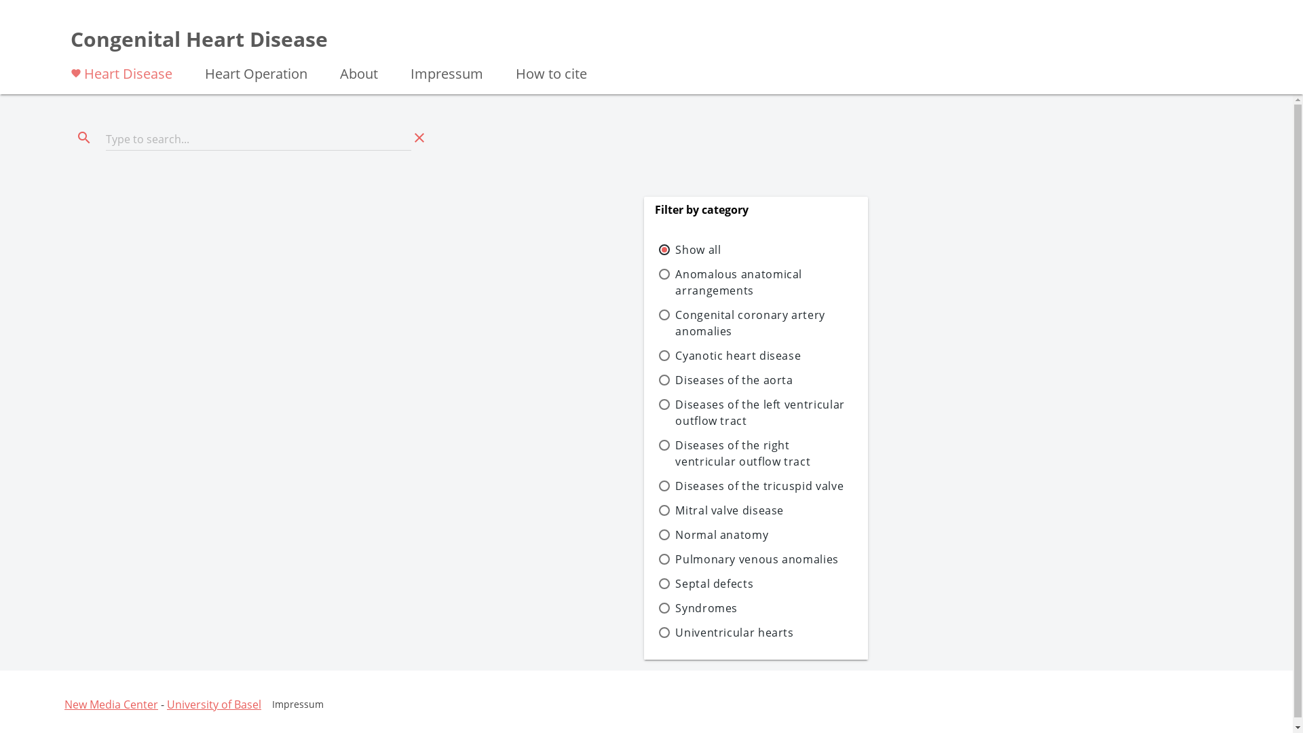 This screenshot has width=1303, height=733. I want to click on 'Heart Operation', so click(256, 73).